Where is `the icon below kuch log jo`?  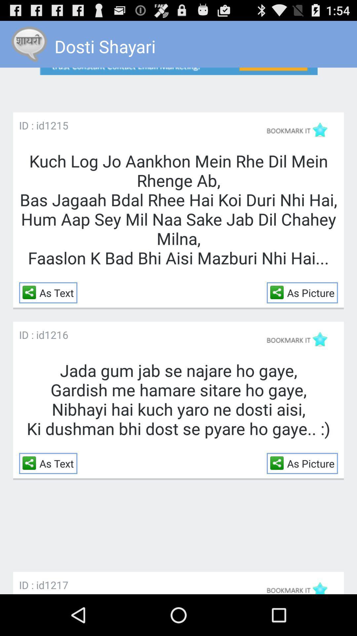 the icon below kuch log jo is located at coordinates (279, 292).